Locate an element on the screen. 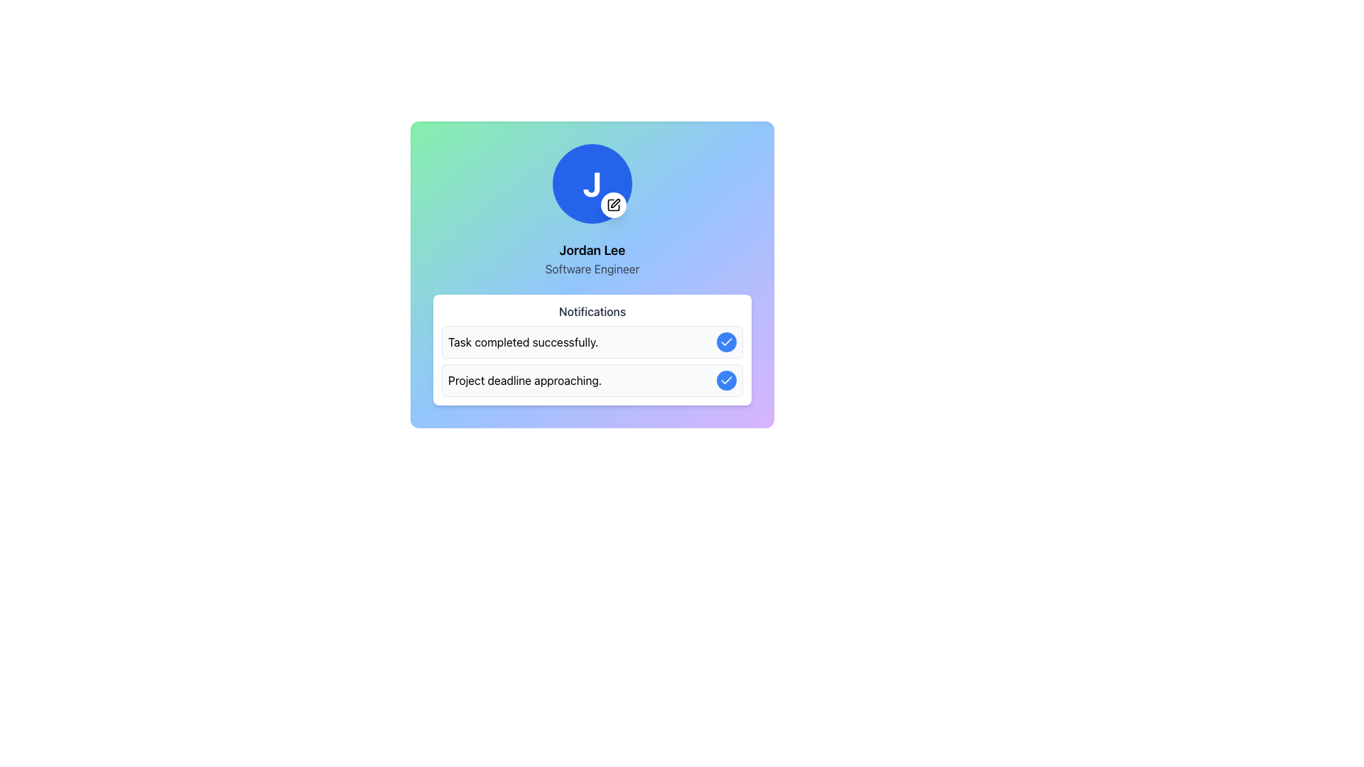  text displayed in the user identification label located below the circular avatar with the letter 'J' and above the notification section is located at coordinates (592, 259).